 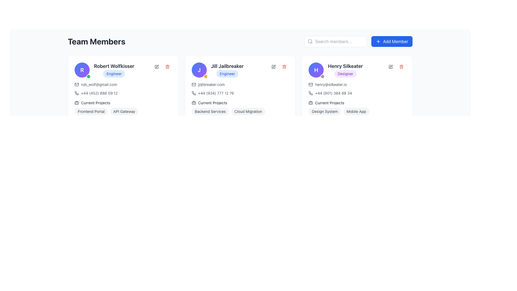 I want to click on the interactive email link labeled 'jj@breaker.com' located within the 'Jill Jailbreaker' card, positioned to the right of the email icon and above the phone number, to initiate an email, so click(x=211, y=84).